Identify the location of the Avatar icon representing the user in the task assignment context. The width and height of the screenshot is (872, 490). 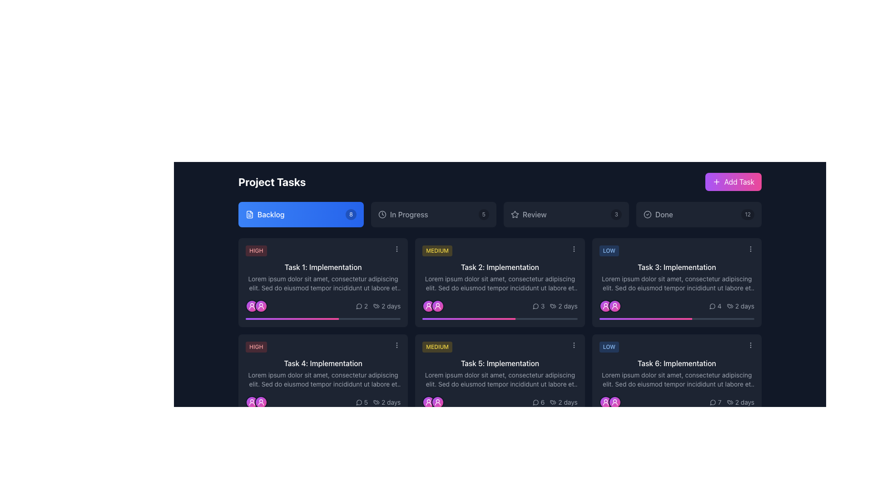
(252, 306).